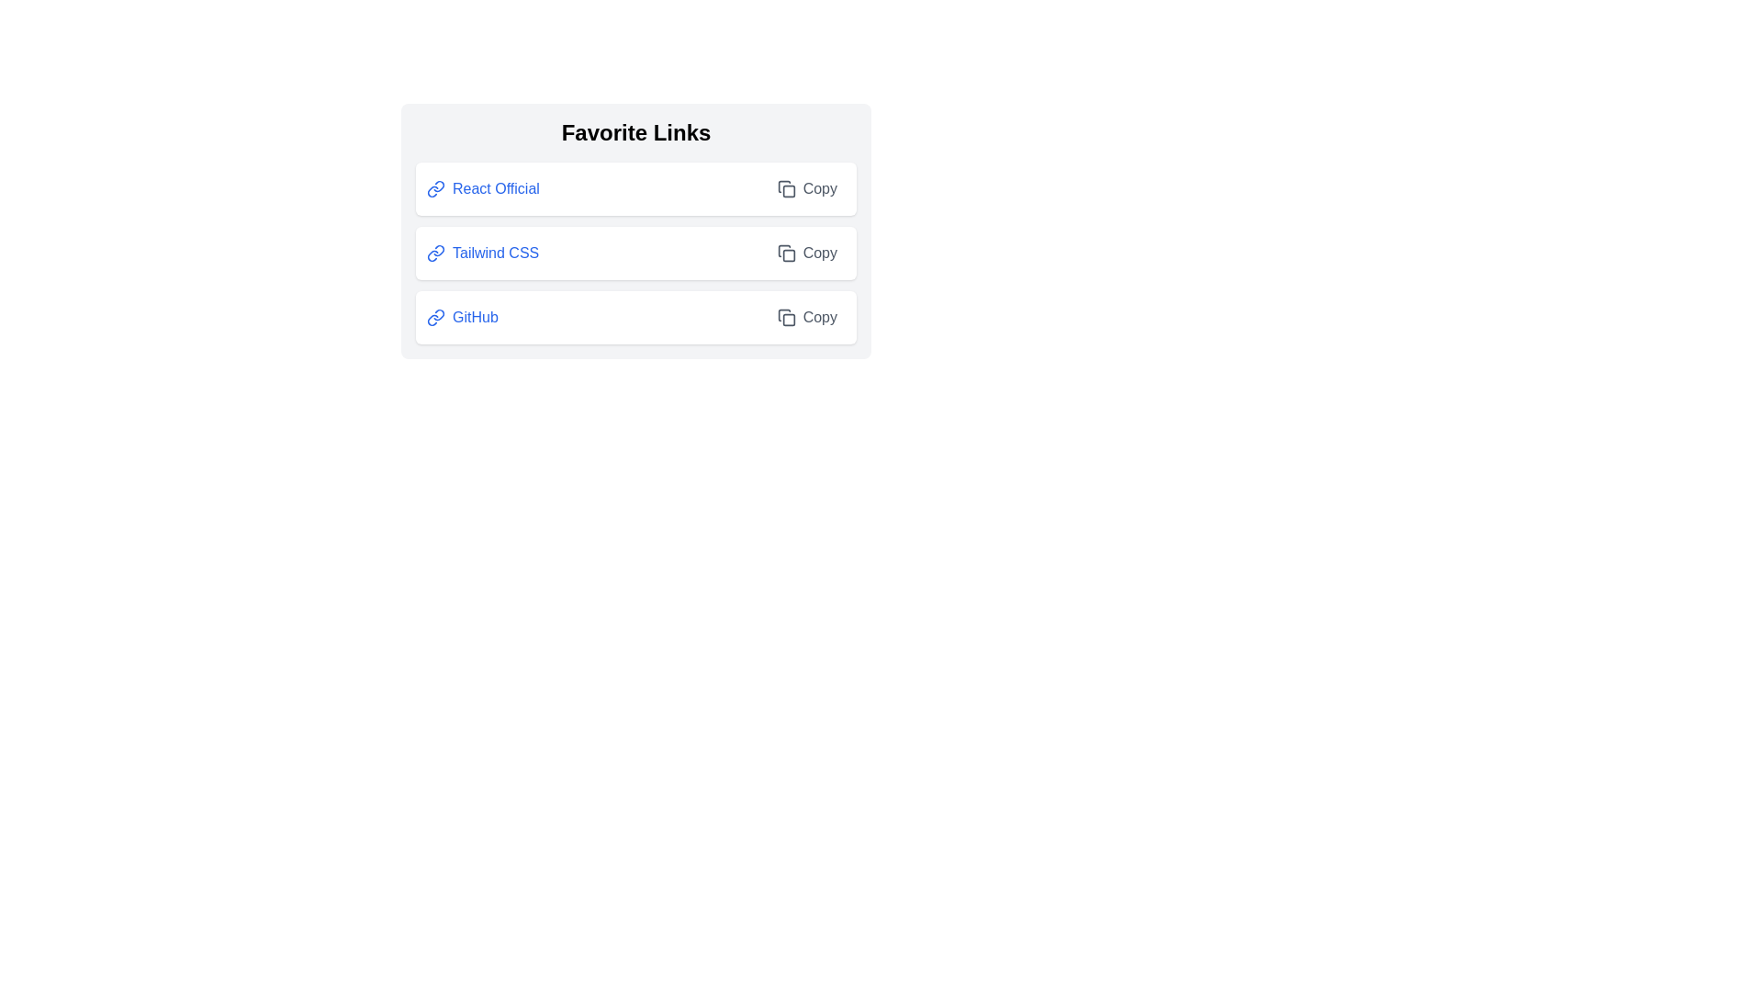  What do you see at coordinates (435, 317) in the screenshot?
I see `the blue chain link icon associated with the GitHub link, located to the left of the 'GitHub' text in the third row of the 'Favorite Links' list` at bounding box center [435, 317].